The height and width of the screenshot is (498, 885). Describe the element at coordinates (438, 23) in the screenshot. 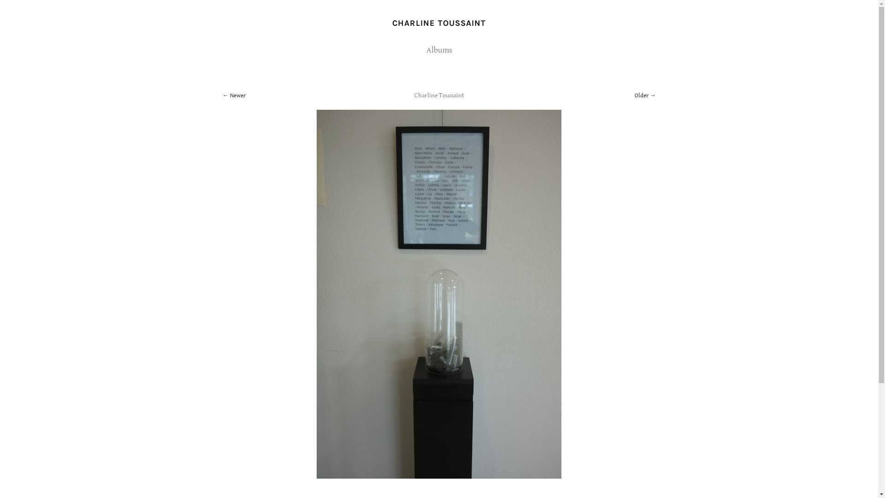

I see `'CHARLINE TOUSSAINT'` at that location.